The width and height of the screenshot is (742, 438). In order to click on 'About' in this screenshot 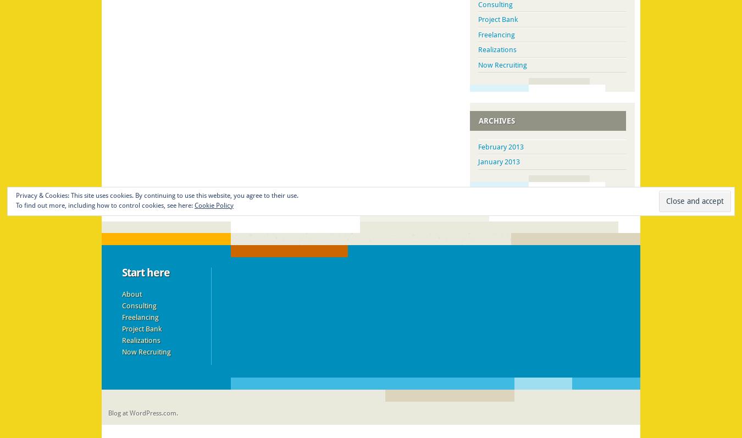, I will do `click(121, 293)`.